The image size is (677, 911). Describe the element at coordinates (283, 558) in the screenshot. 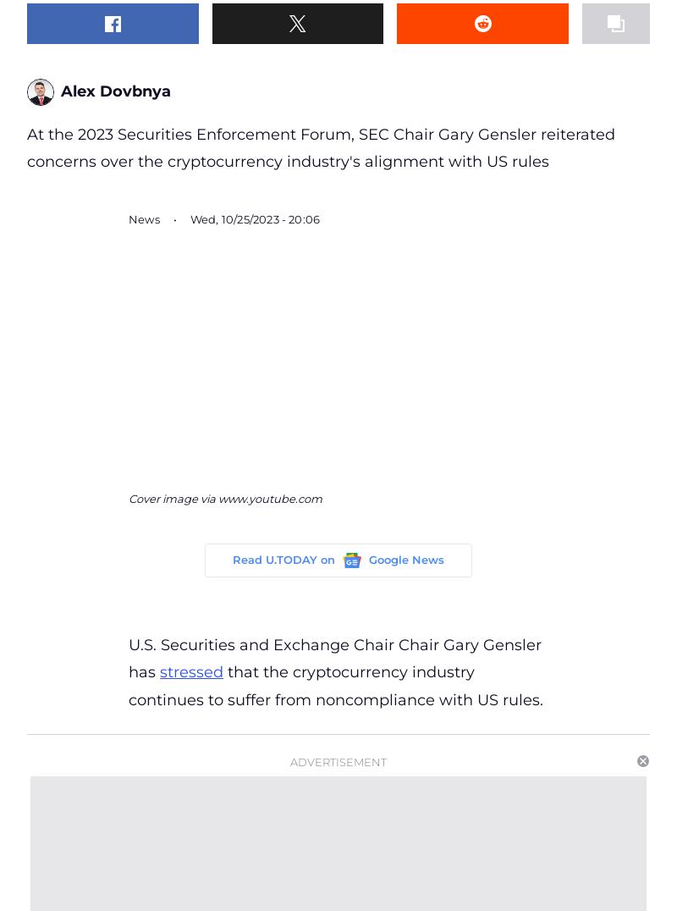

I see `'Read U.TODAY on'` at that location.